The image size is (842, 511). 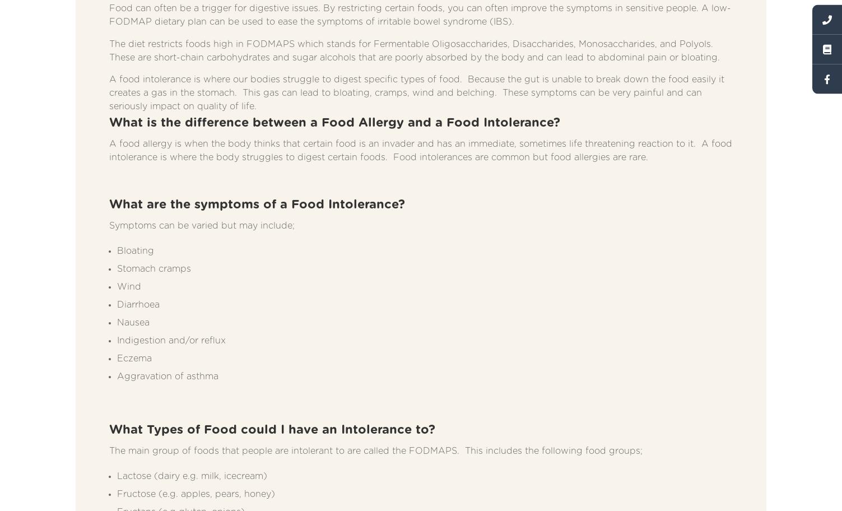 I want to click on 'Bloating', so click(x=135, y=249).